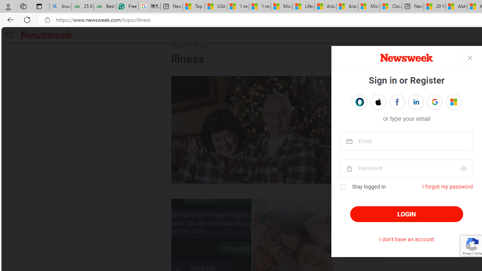 The height and width of the screenshot is (271, 482). Describe the element at coordinates (378, 102) in the screenshot. I see `'Sign in with APPLE'` at that location.